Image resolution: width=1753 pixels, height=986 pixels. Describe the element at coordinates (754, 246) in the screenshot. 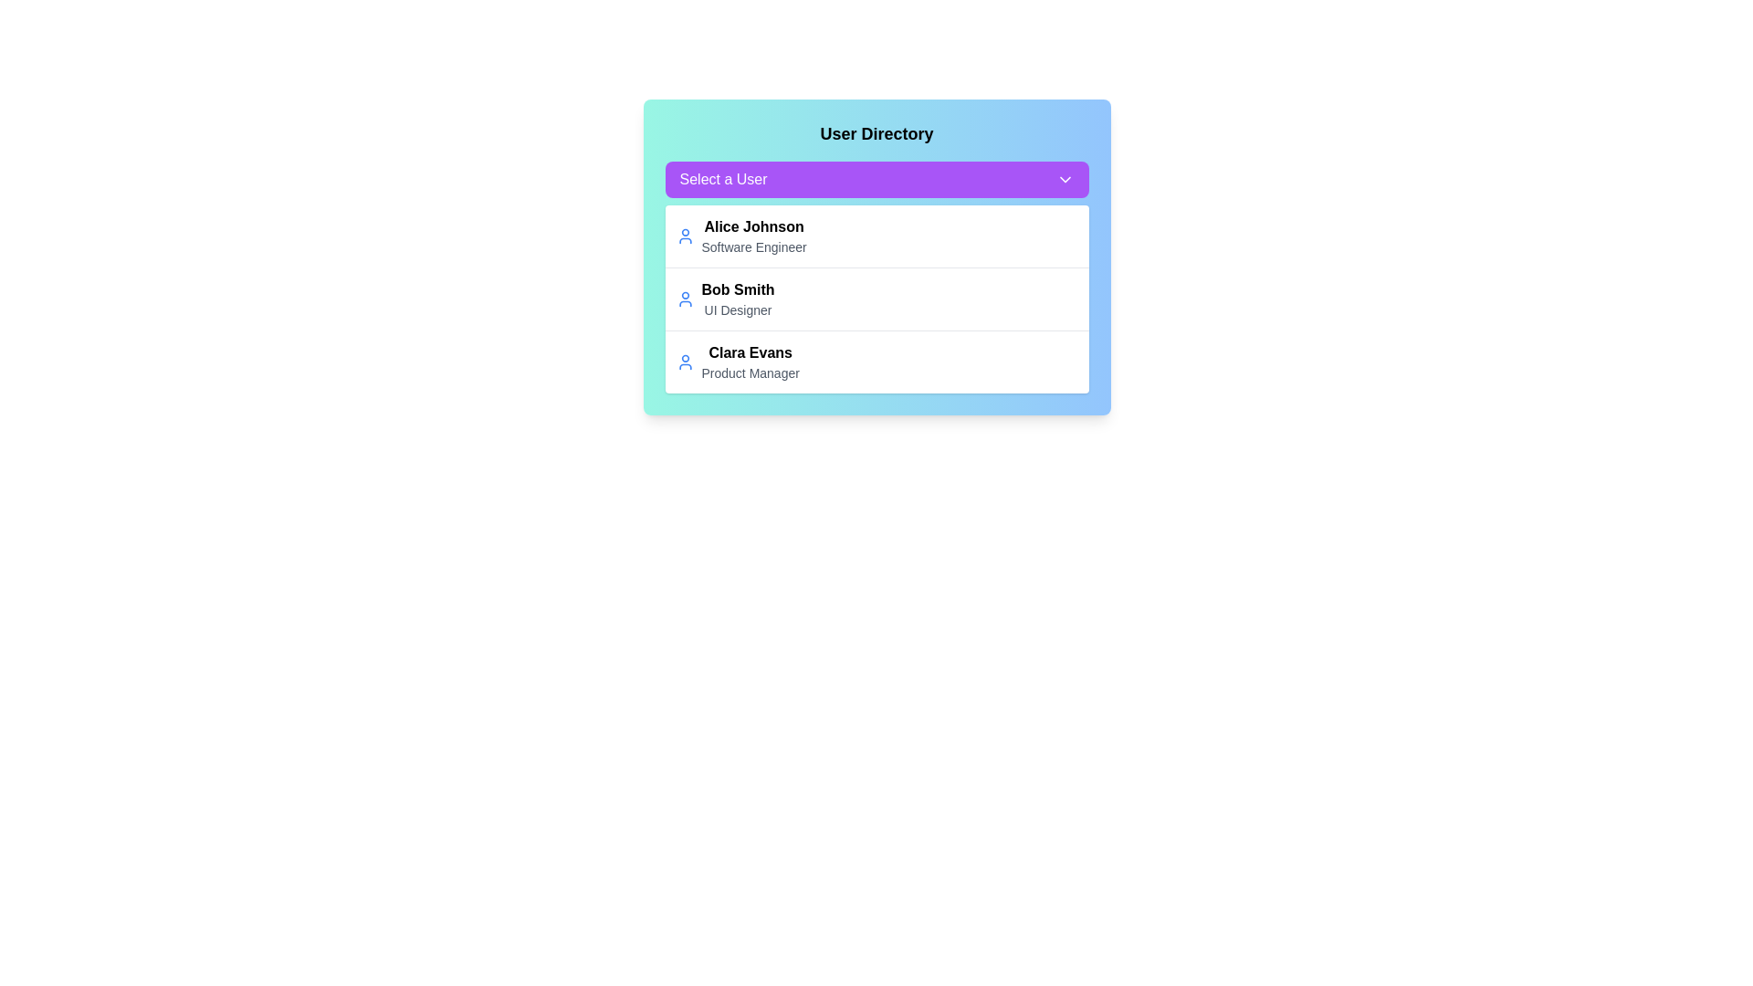

I see `the 'Software Engineer' text label associated with user 'Alice Johnson' in the user directory interface` at that location.